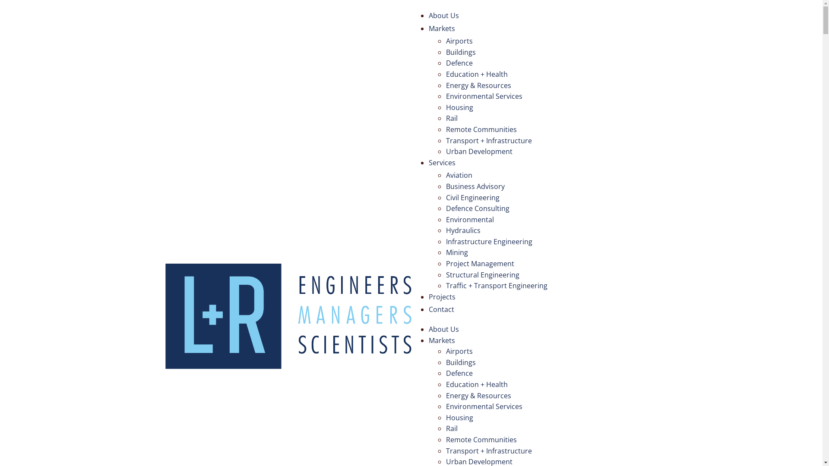 This screenshot has width=829, height=466. What do you see at coordinates (456, 252) in the screenshot?
I see `'Mining'` at bounding box center [456, 252].